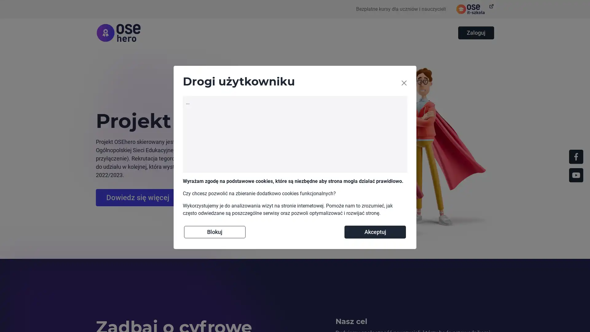 The image size is (590, 332). Describe the element at coordinates (375, 231) in the screenshot. I see `Akceptuj` at that location.